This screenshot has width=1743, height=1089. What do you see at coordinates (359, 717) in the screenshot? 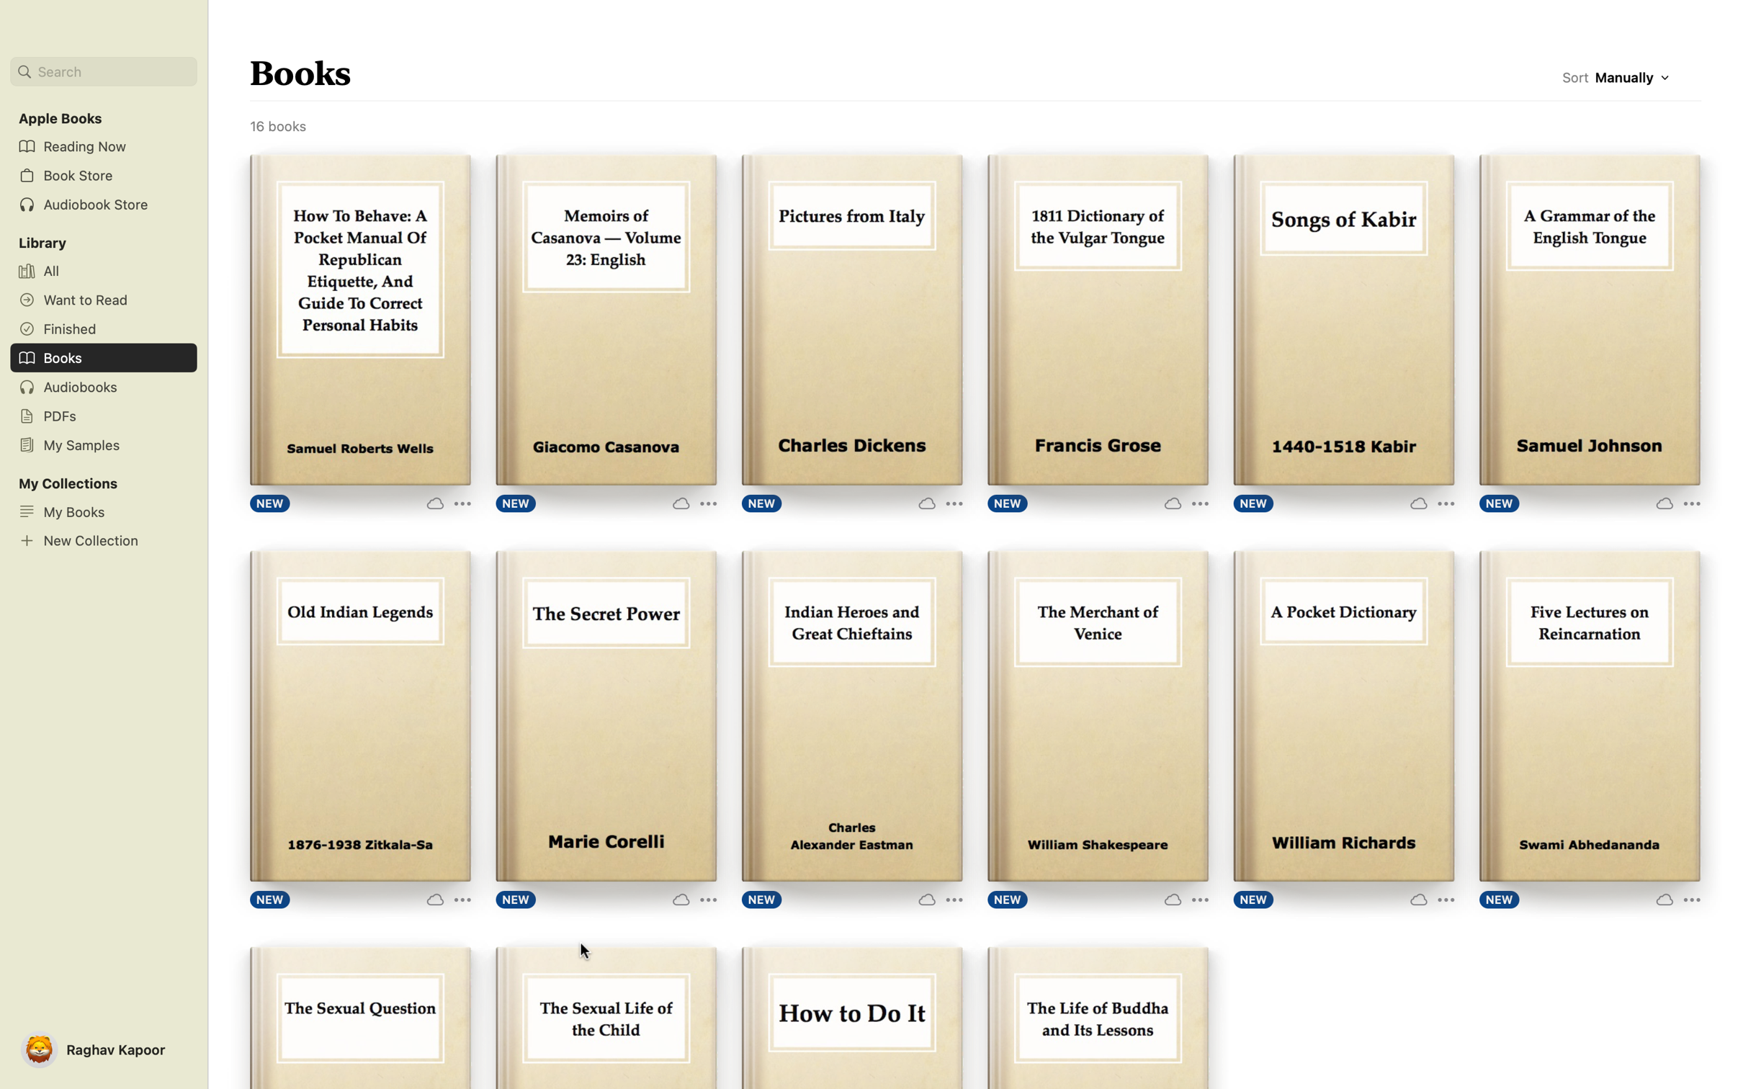
I see `the "Read" button for the book "Old Indian Legends" to start reading it` at bounding box center [359, 717].